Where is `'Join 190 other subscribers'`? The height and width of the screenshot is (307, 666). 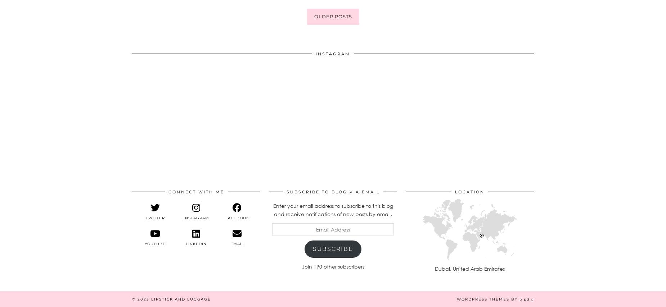
'Join 190 other subscribers' is located at coordinates (333, 265).